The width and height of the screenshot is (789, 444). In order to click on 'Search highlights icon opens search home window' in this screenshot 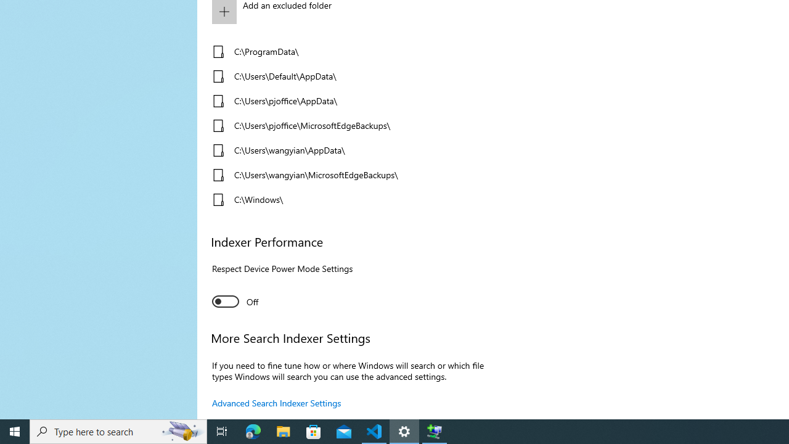, I will do `click(181, 430)`.